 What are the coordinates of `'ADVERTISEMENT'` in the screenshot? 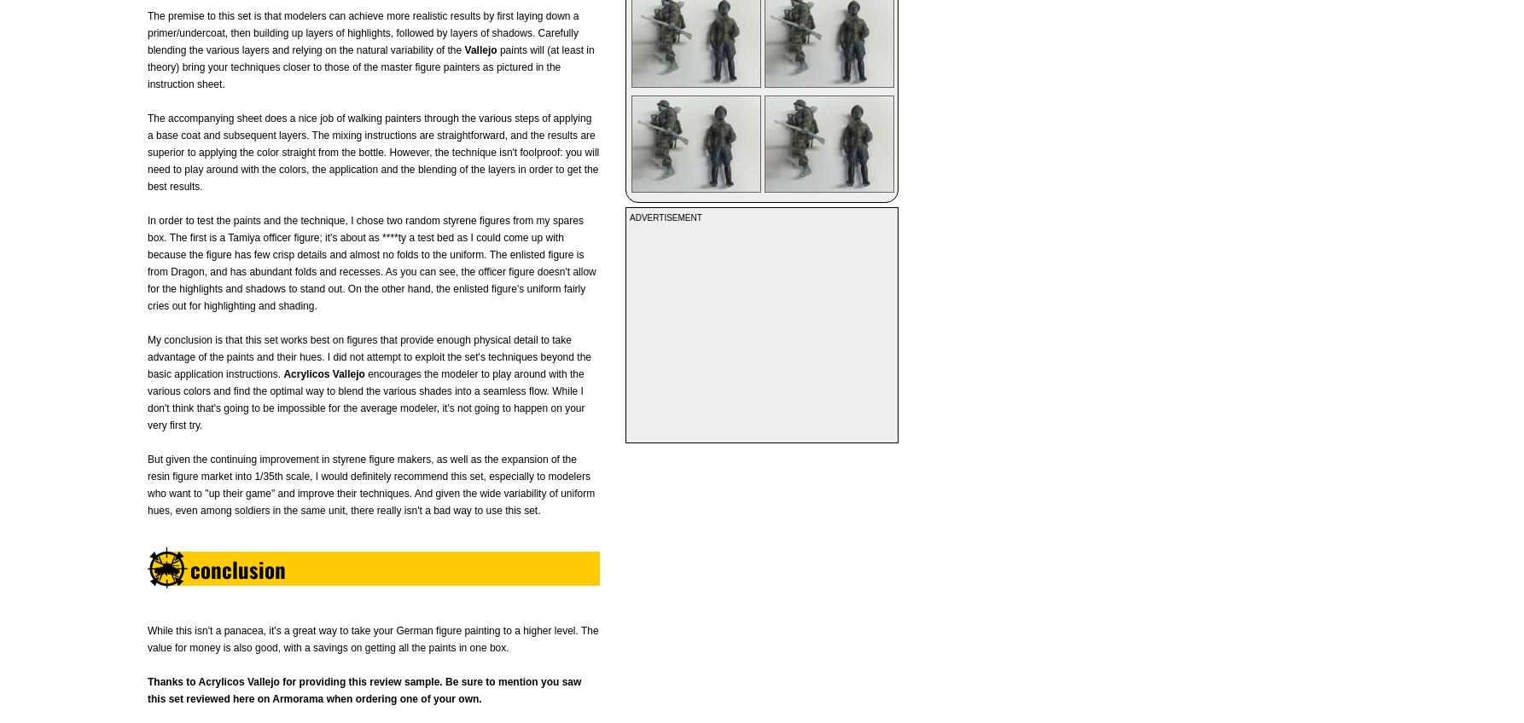 It's located at (664, 217).